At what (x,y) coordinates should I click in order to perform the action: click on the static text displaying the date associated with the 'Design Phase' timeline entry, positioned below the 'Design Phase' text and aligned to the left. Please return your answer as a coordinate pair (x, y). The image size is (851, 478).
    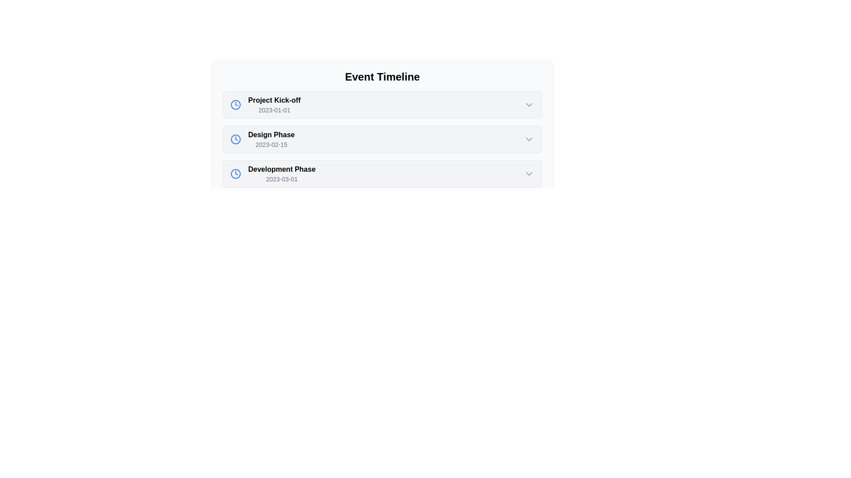
    Looking at the image, I should click on (271, 144).